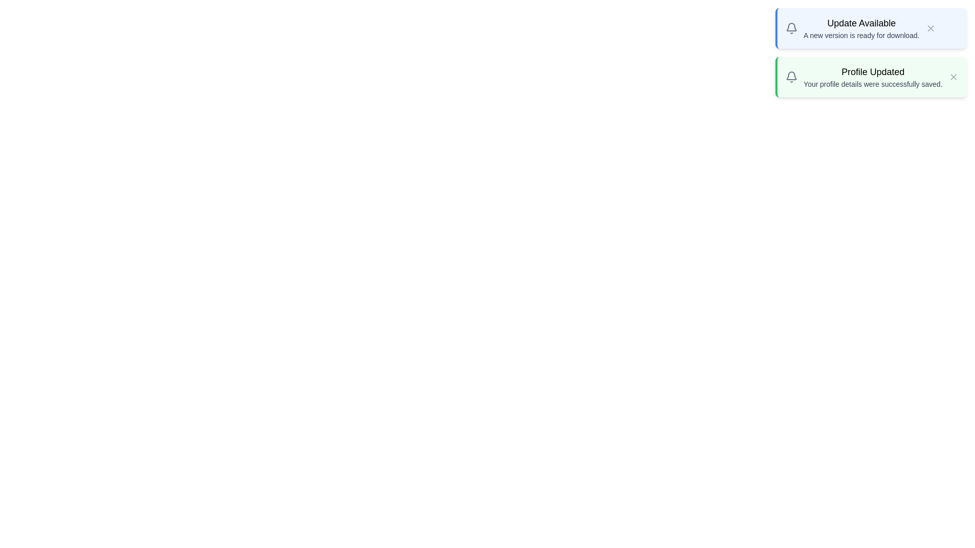  What do you see at coordinates (870, 28) in the screenshot?
I see `the notification element with title Update Available` at bounding box center [870, 28].